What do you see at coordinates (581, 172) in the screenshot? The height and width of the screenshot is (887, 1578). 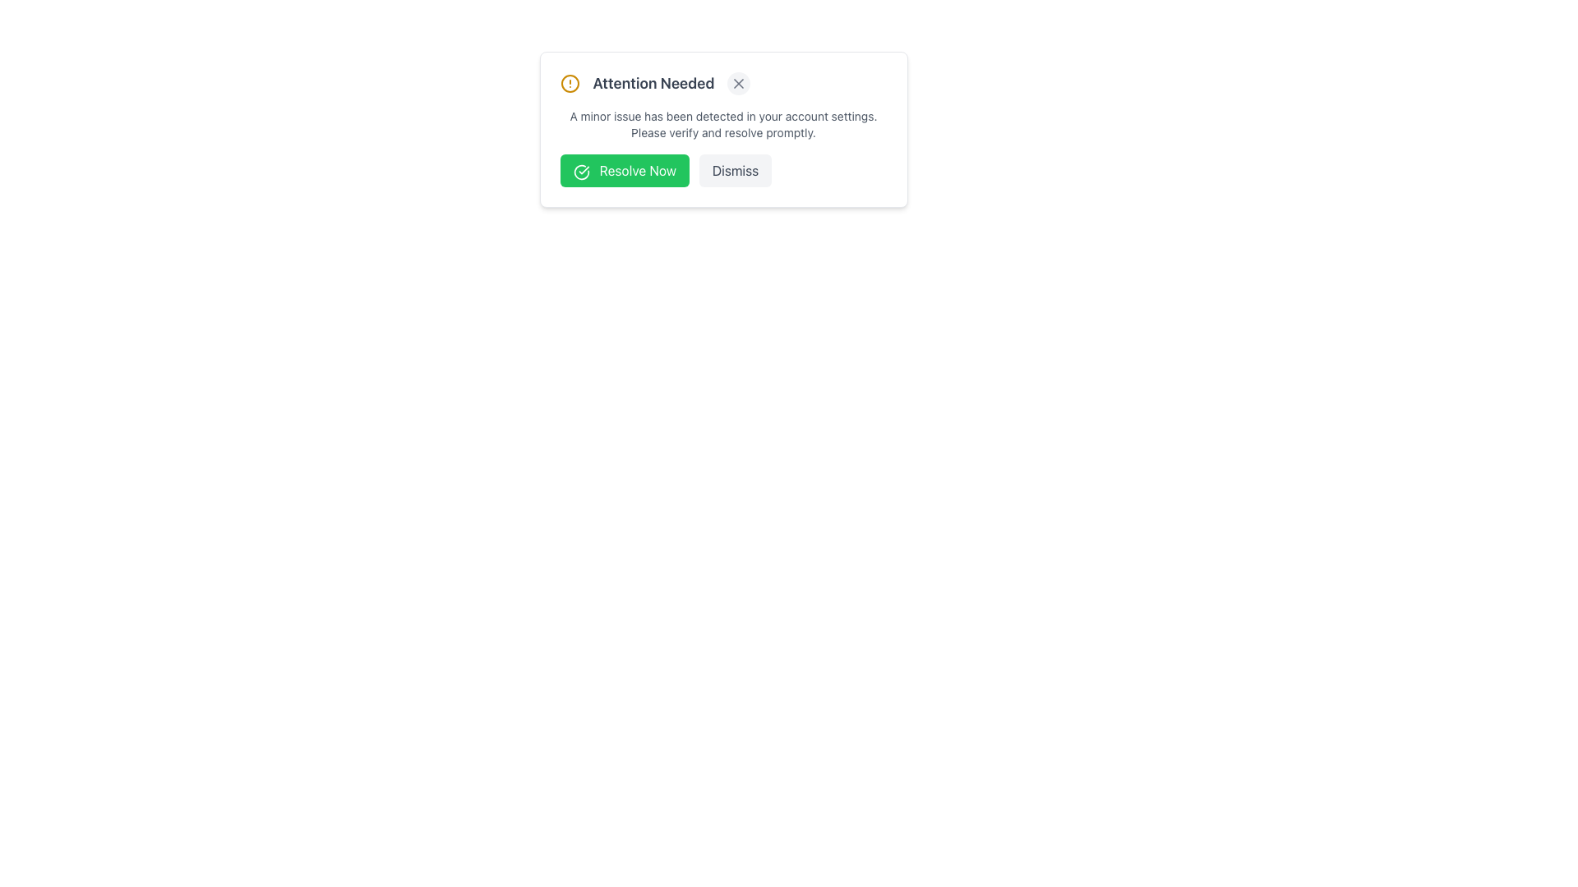 I see `the circular checkmark icon located on the left side of the green 'Resolve Now' button` at bounding box center [581, 172].